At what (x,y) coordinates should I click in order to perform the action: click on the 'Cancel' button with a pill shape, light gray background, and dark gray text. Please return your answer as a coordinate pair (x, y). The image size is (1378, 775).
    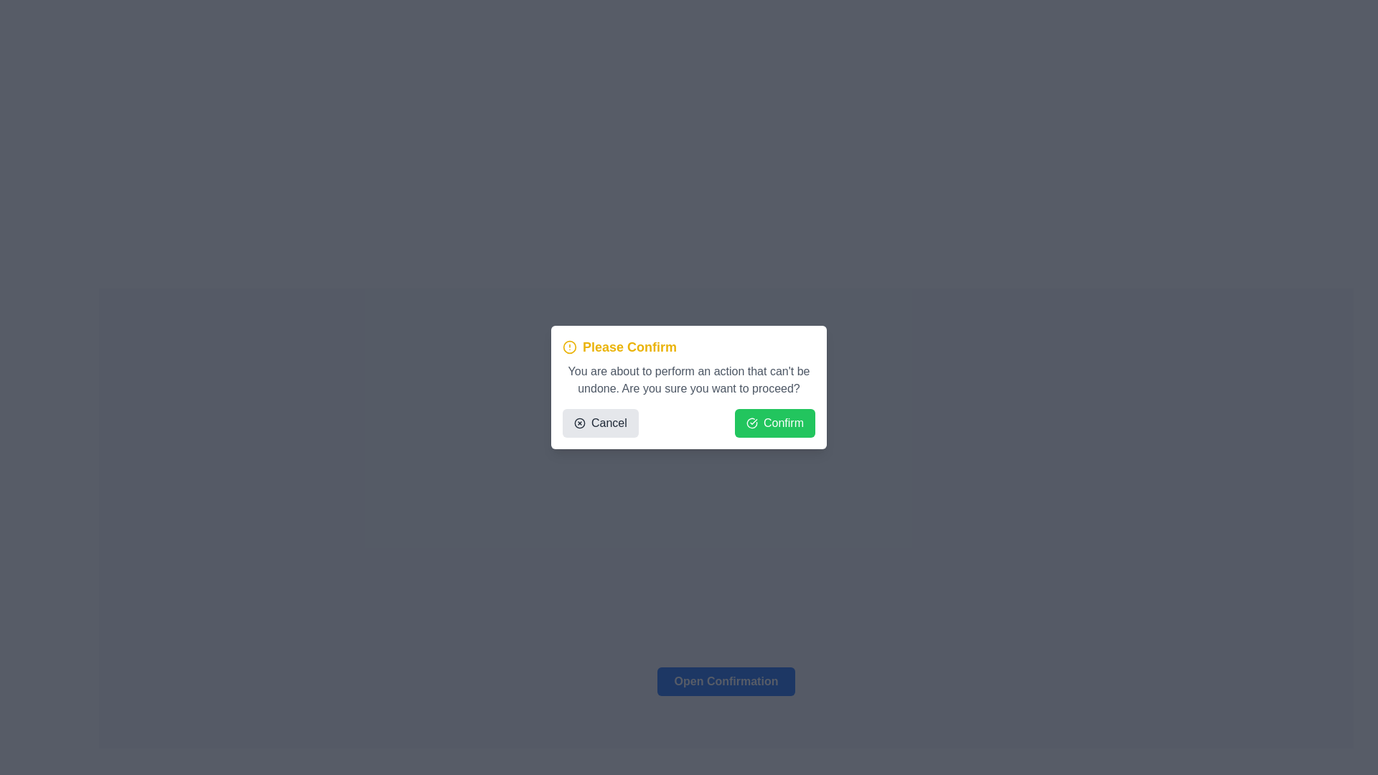
    Looking at the image, I should click on (600, 423).